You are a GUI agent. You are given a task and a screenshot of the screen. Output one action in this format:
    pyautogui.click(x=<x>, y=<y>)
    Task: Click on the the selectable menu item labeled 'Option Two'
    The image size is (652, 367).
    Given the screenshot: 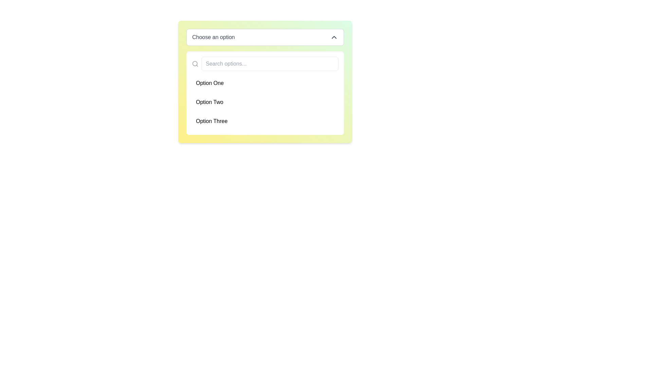 What is the action you would take?
    pyautogui.click(x=265, y=102)
    